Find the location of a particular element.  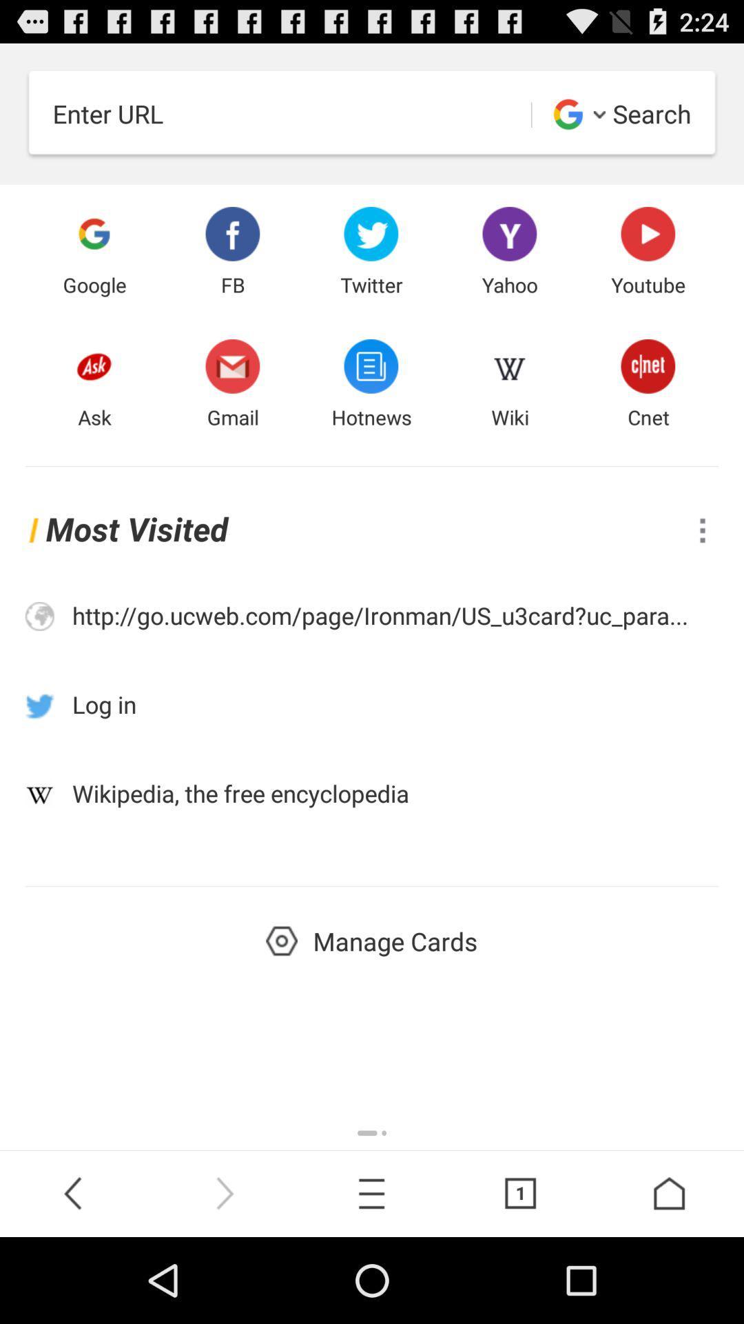

the arrow_forward icon is located at coordinates (223, 1276).